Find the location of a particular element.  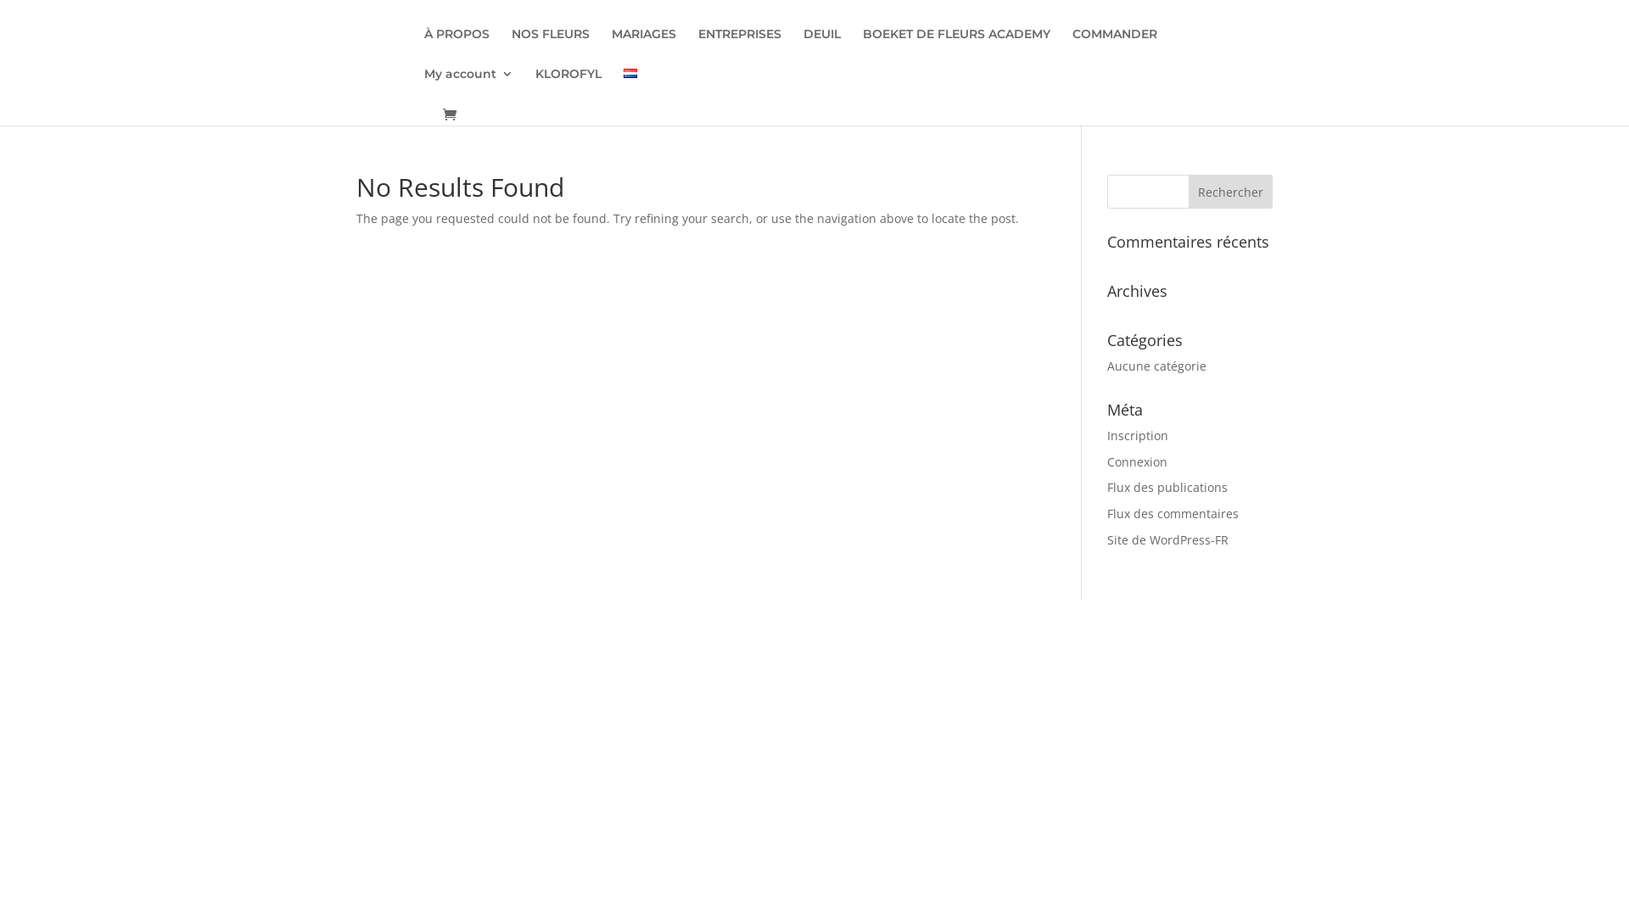

'NOS FLEURS' is located at coordinates (550, 47).